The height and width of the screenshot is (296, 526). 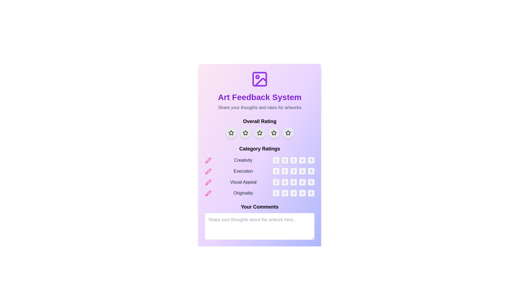 I want to click on the section header text labeled 'Category Ratings', which is styled in bold and positioned beneath 'Overall Rating', so click(x=259, y=149).